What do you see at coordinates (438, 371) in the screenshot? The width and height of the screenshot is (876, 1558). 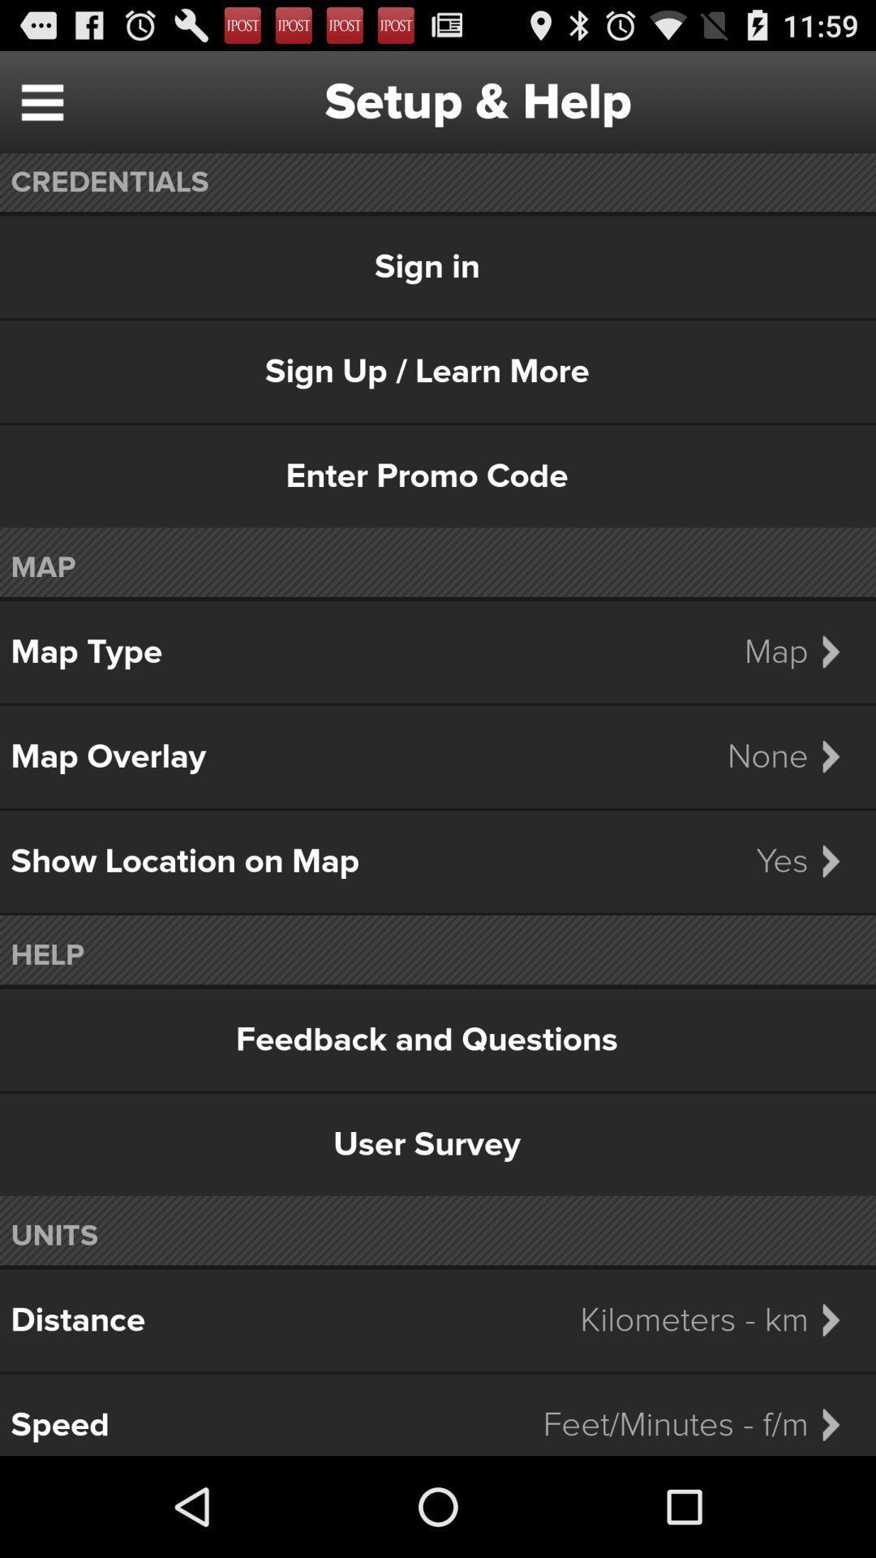 I see `sign up learn icon` at bounding box center [438, 371].